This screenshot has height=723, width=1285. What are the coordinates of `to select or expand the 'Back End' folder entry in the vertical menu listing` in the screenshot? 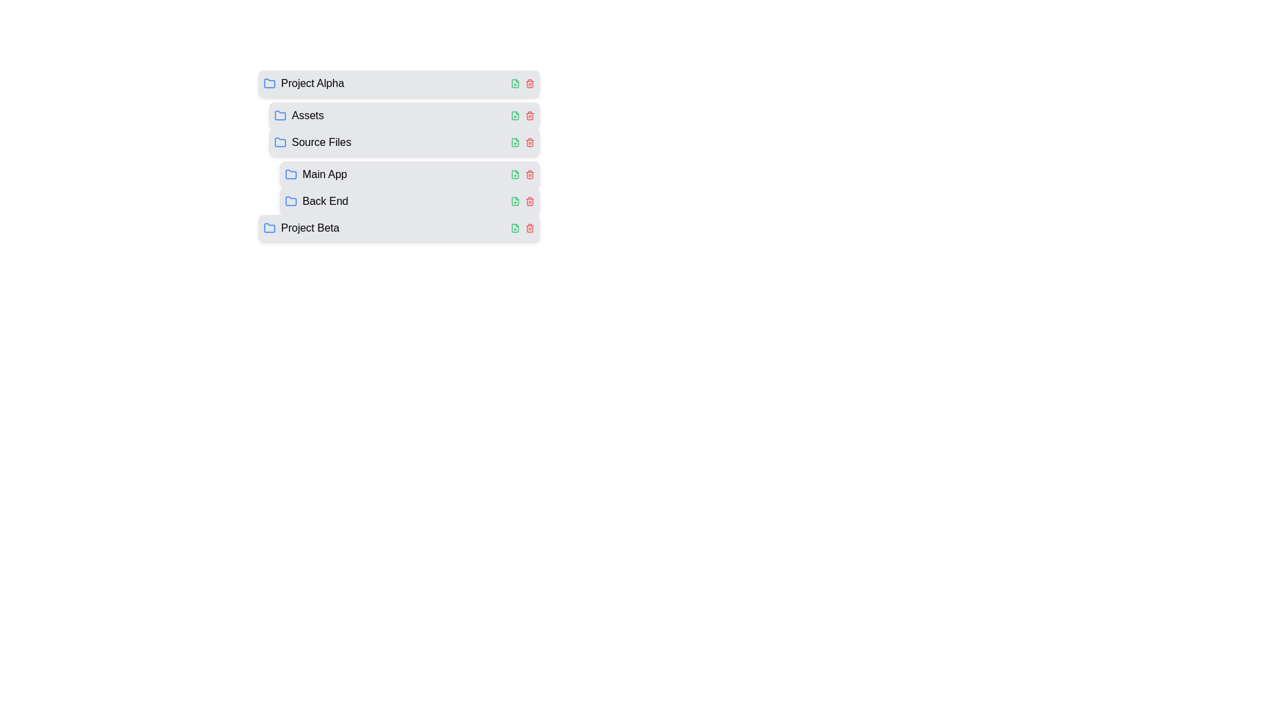 It's located at (409, 201).